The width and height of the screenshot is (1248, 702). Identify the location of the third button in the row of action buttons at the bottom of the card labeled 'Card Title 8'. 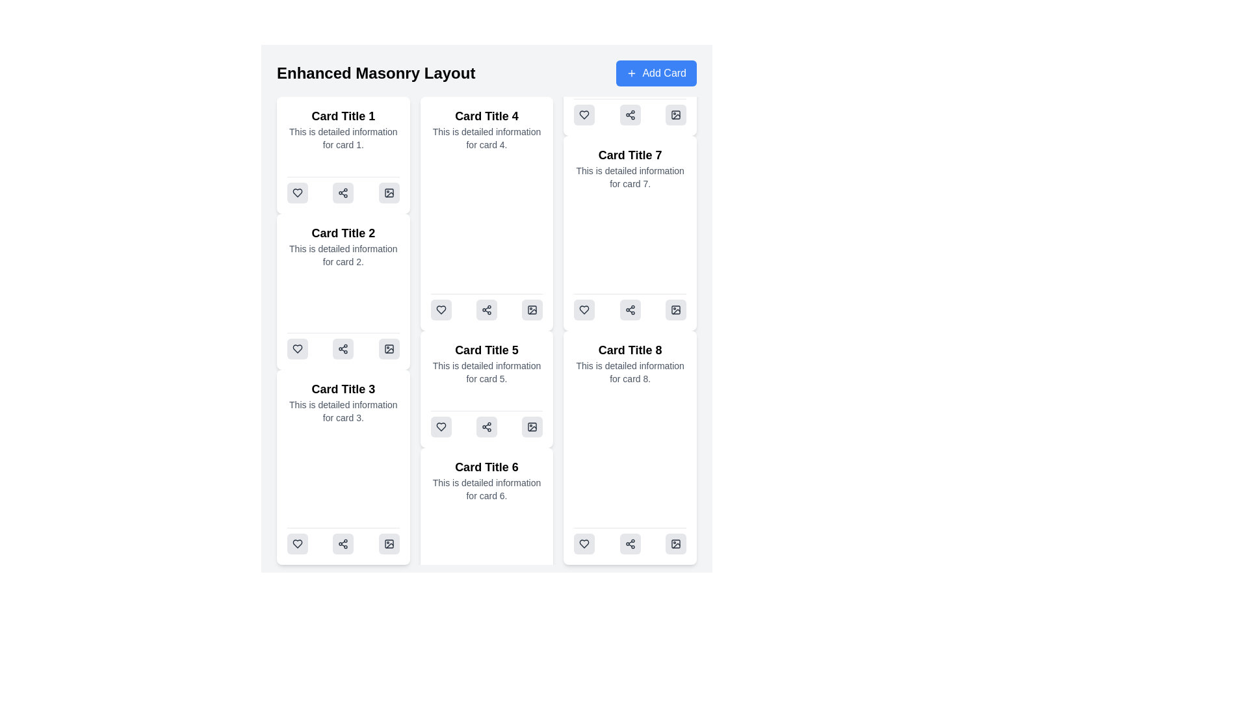
(676, 544).